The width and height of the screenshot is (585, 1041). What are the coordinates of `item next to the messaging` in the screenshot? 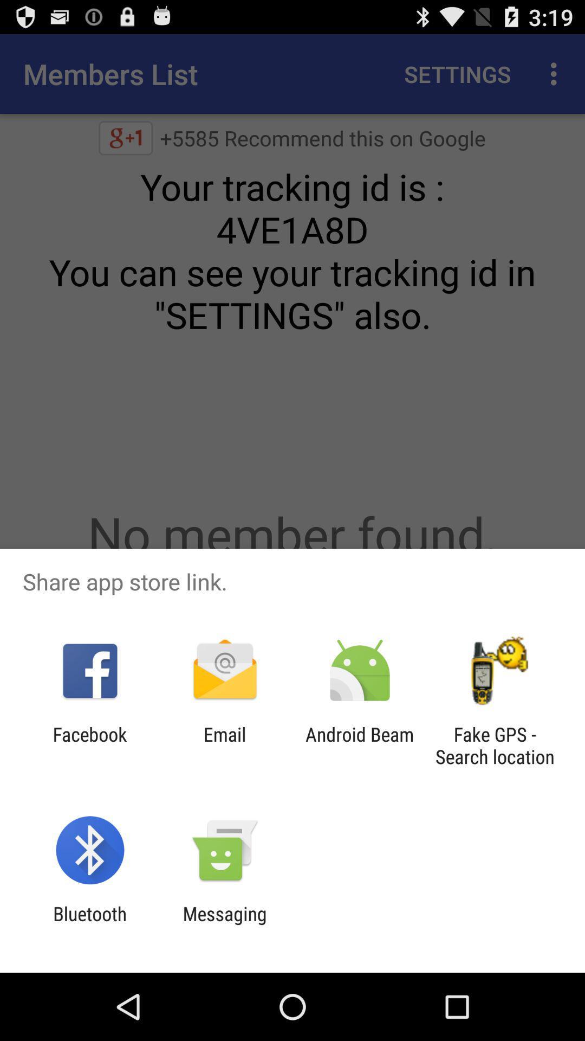 It's located at (89, 924).